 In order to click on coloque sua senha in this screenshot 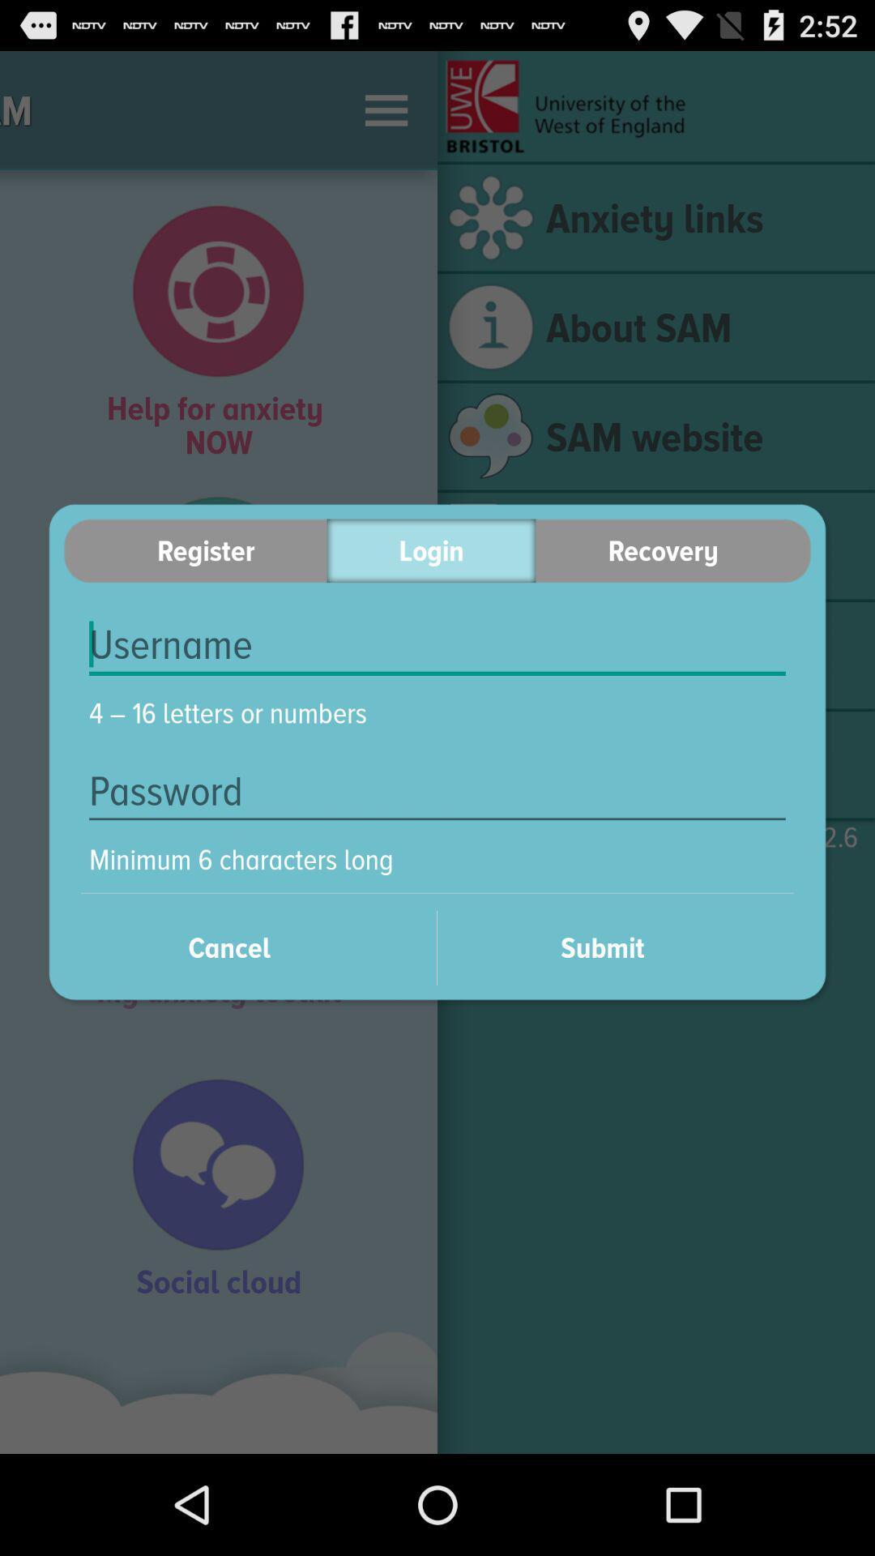, I will do `click(437, 791)`.